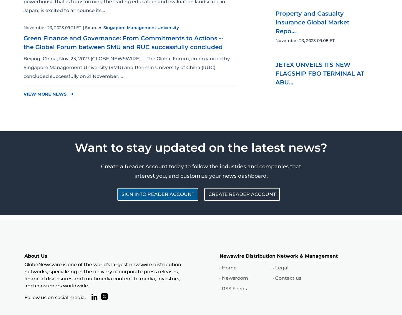 This screenshot has height=315, width=402. Describe the element at coordinates (55, 297) in the screenshot. I see `'Follow us on social media:'` at that location.